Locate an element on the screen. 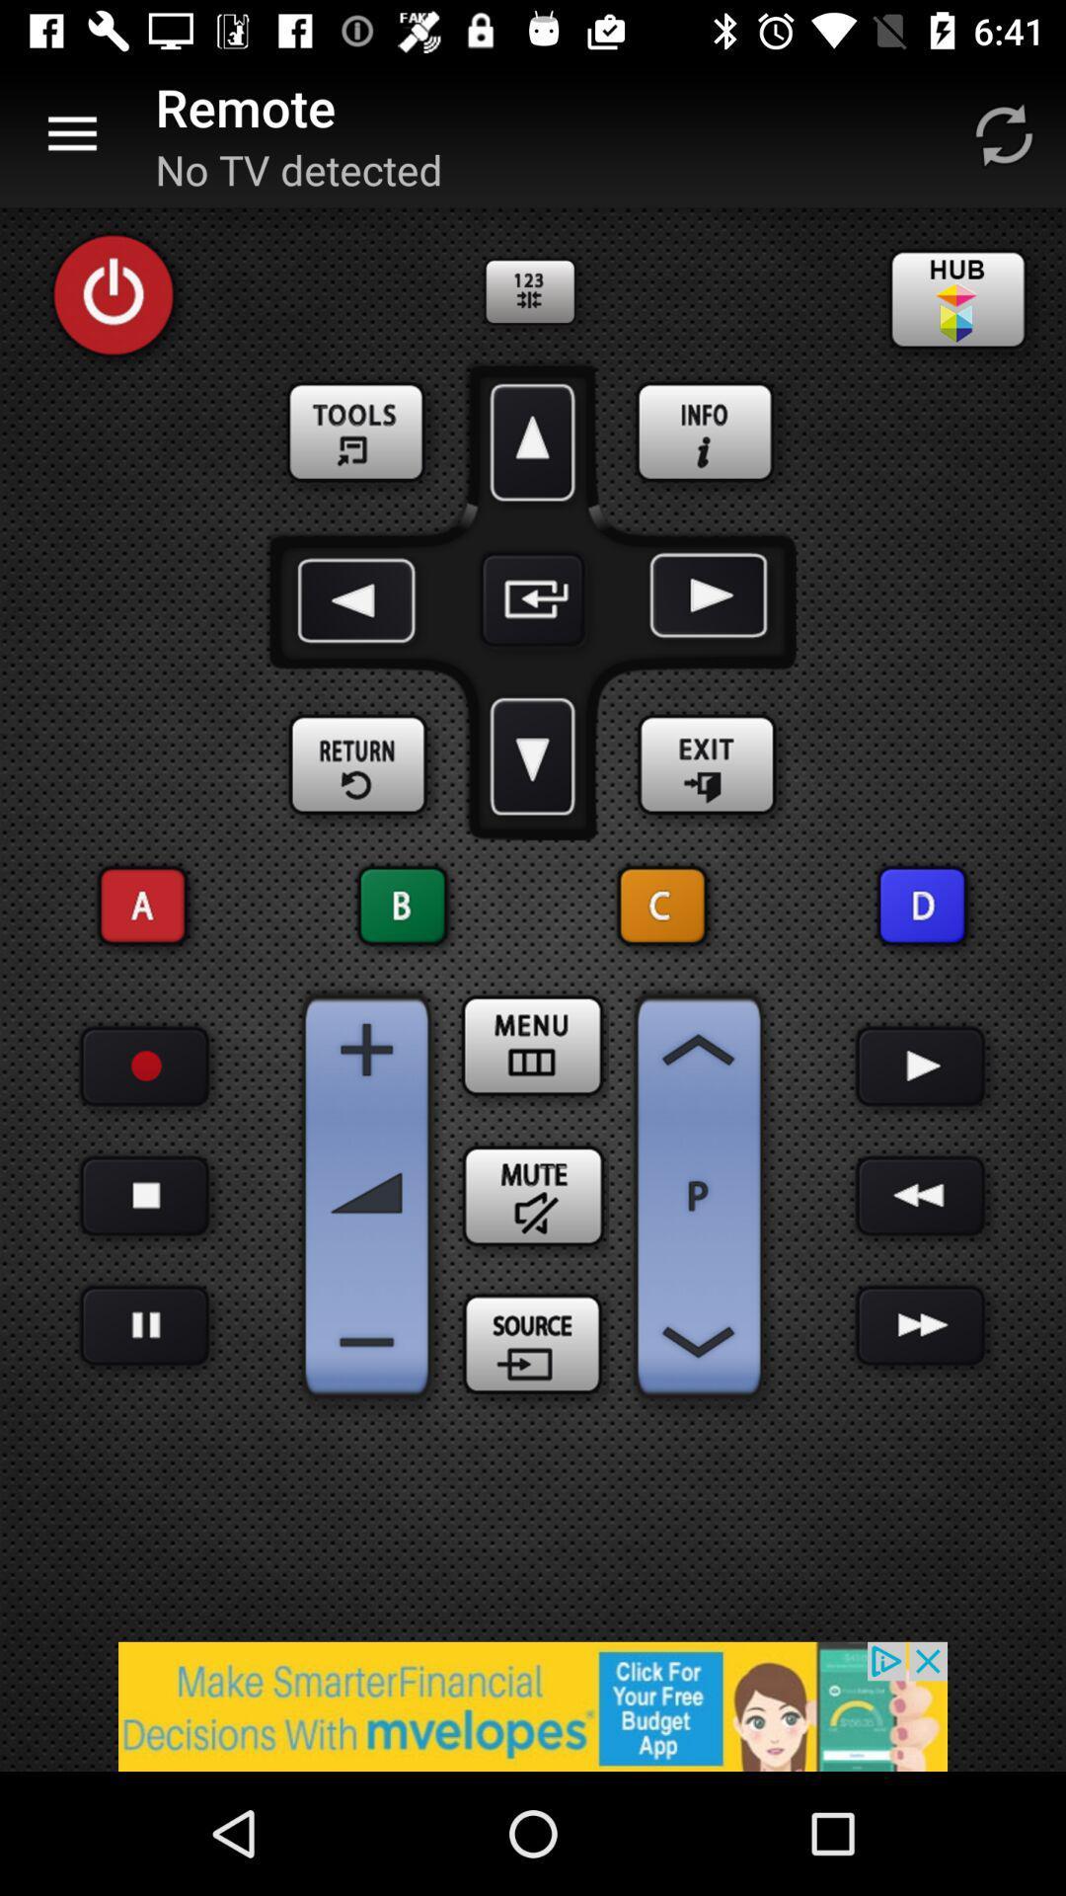 This screenshot has width=1066, height=1896. valum is located at coordinates (366, 1049).